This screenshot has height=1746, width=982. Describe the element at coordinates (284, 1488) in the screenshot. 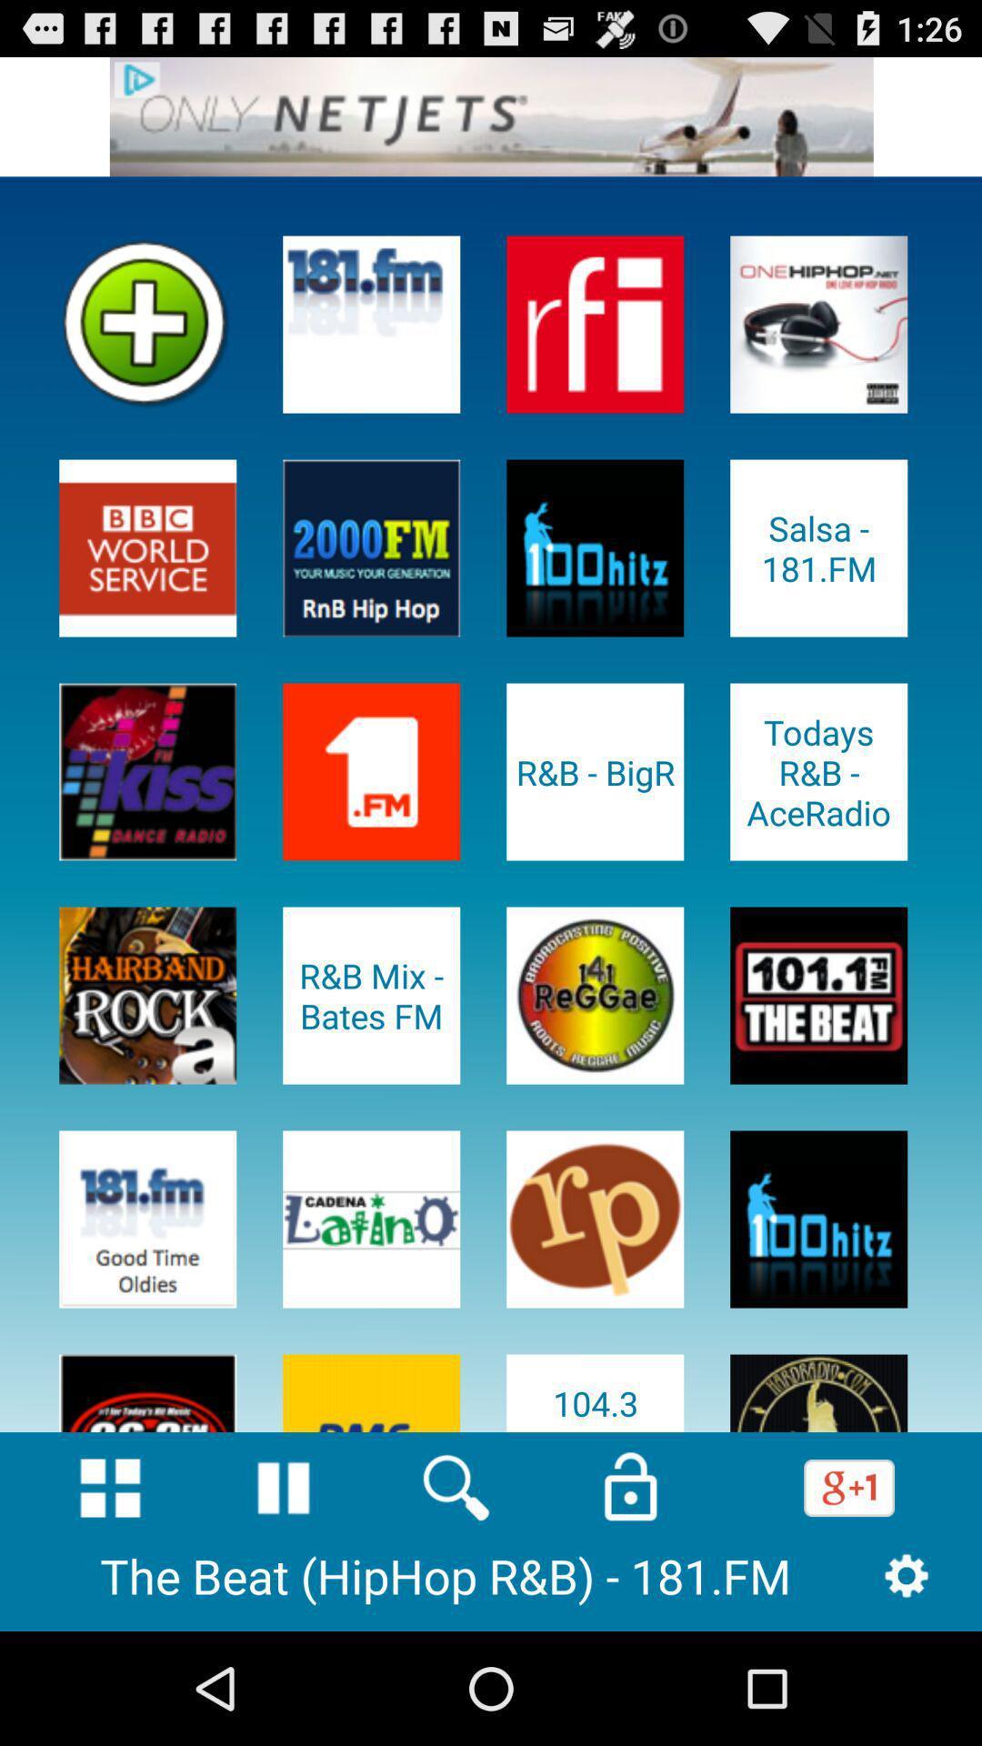

I see `press the pause` at that location.